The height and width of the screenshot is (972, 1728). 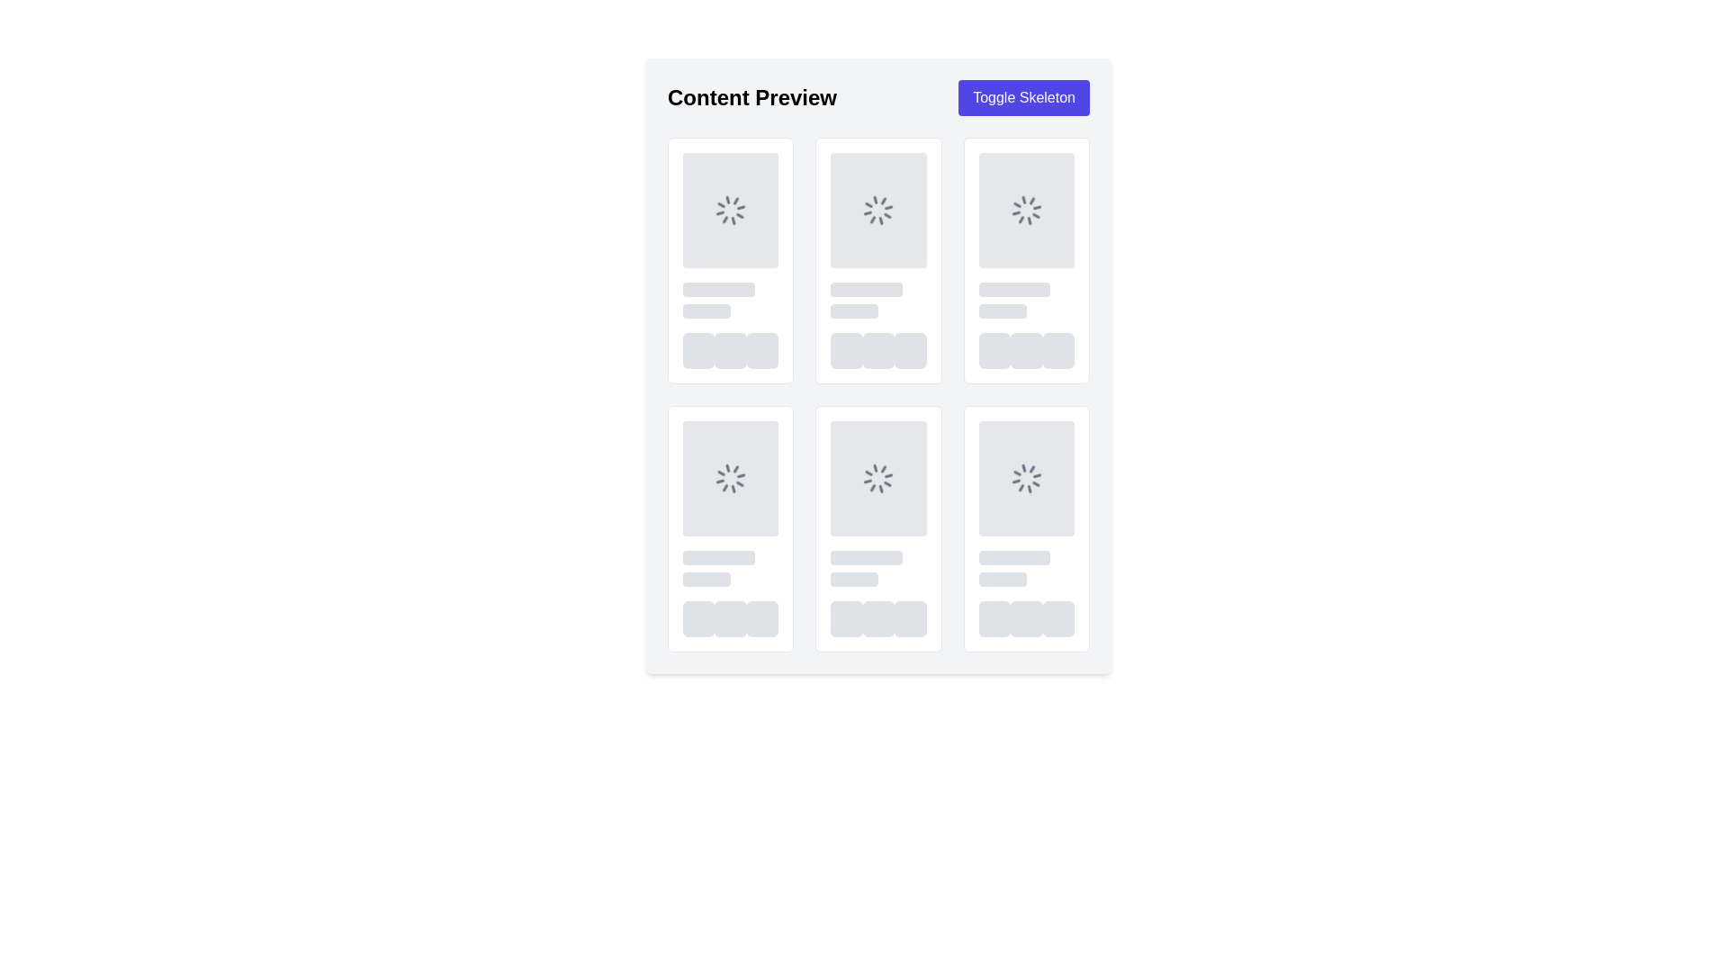 I want to click on the loading spinner icon, which is a circular spinner with gray color and animated spinning effect, located in the second row and third column of the grid in the 'Content Preview' layout, so click(x=1026, y=478).